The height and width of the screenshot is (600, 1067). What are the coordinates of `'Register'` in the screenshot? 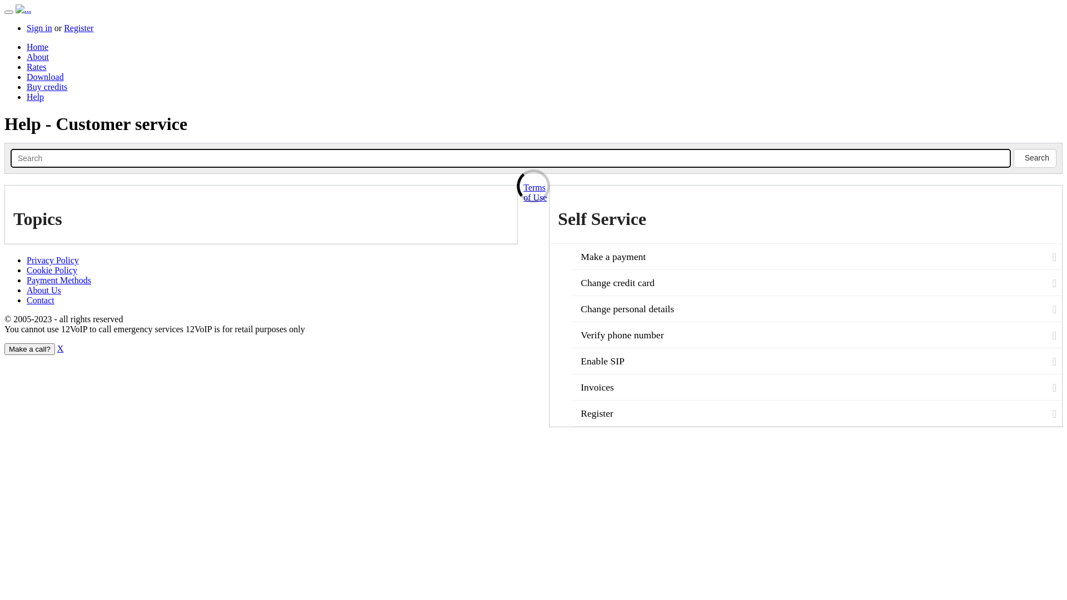 It's located at (78, 27).